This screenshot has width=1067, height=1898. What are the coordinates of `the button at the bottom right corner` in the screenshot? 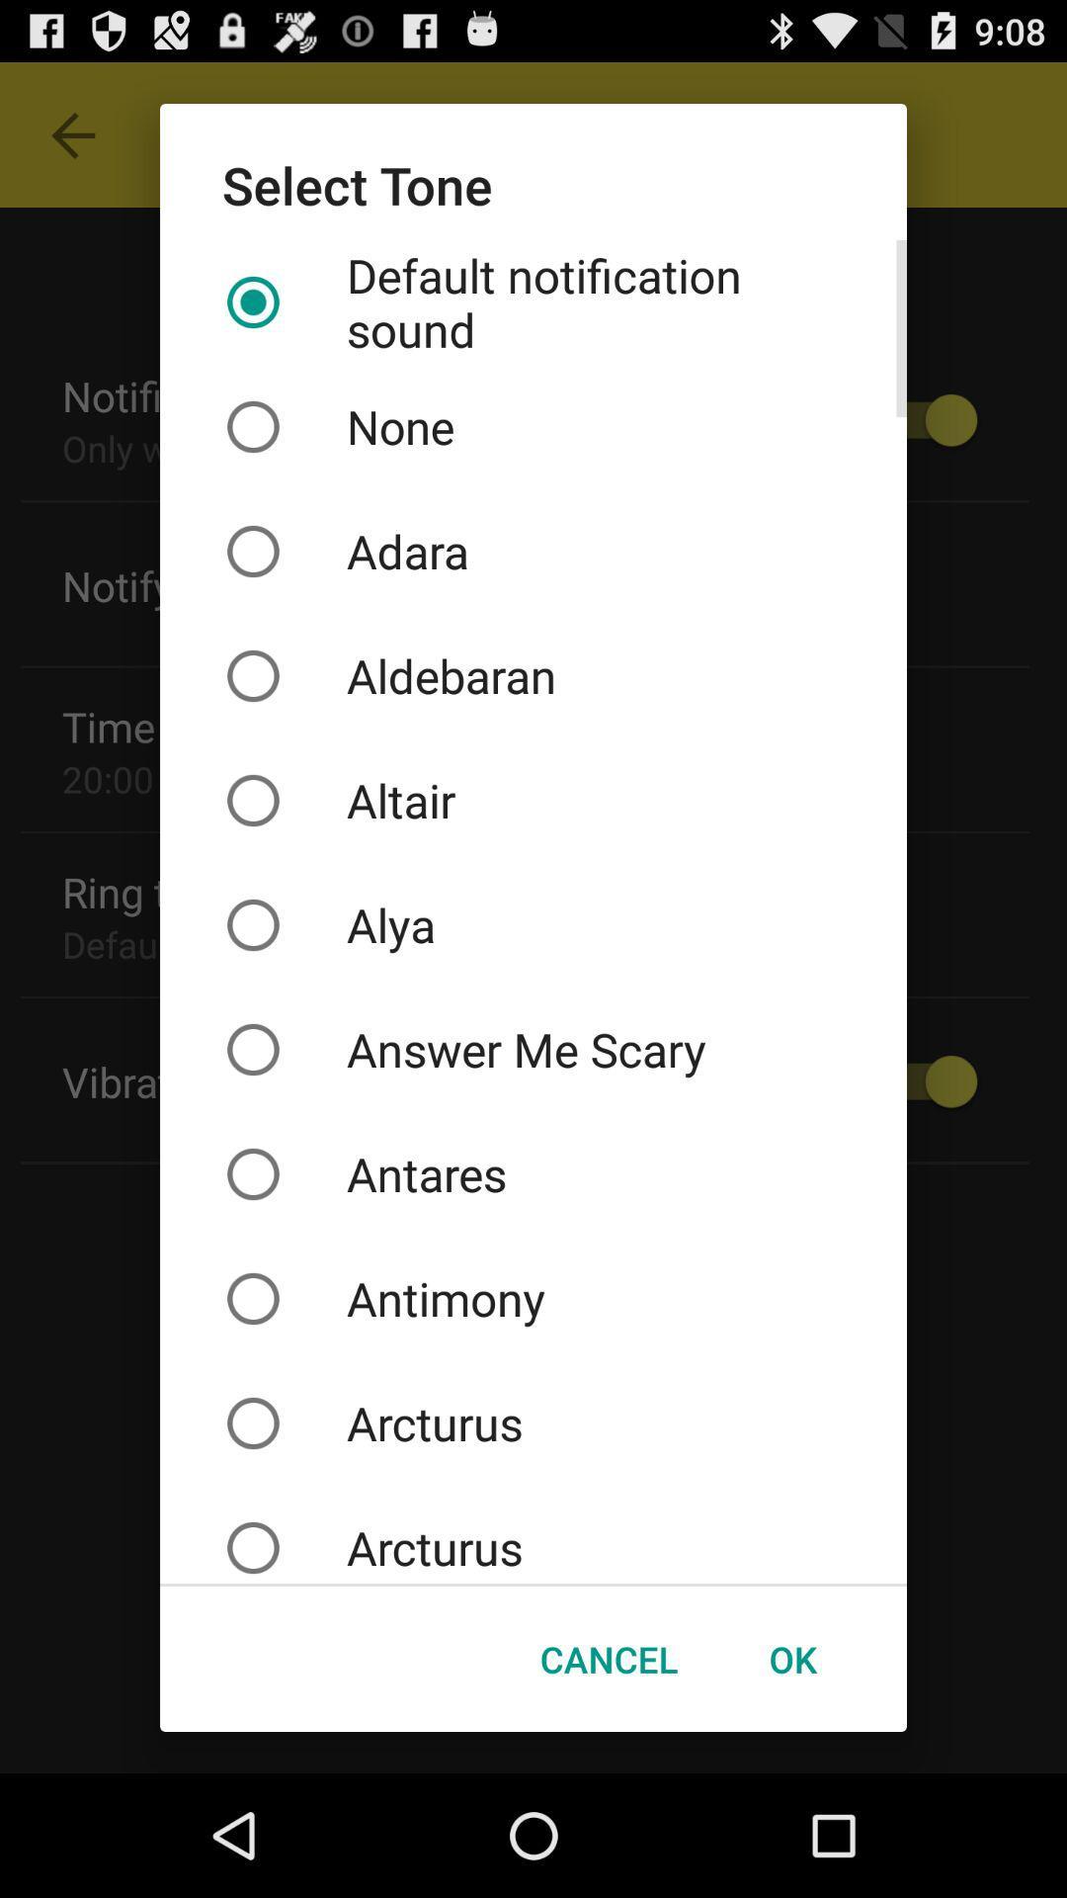 It's located at (791, 1659).